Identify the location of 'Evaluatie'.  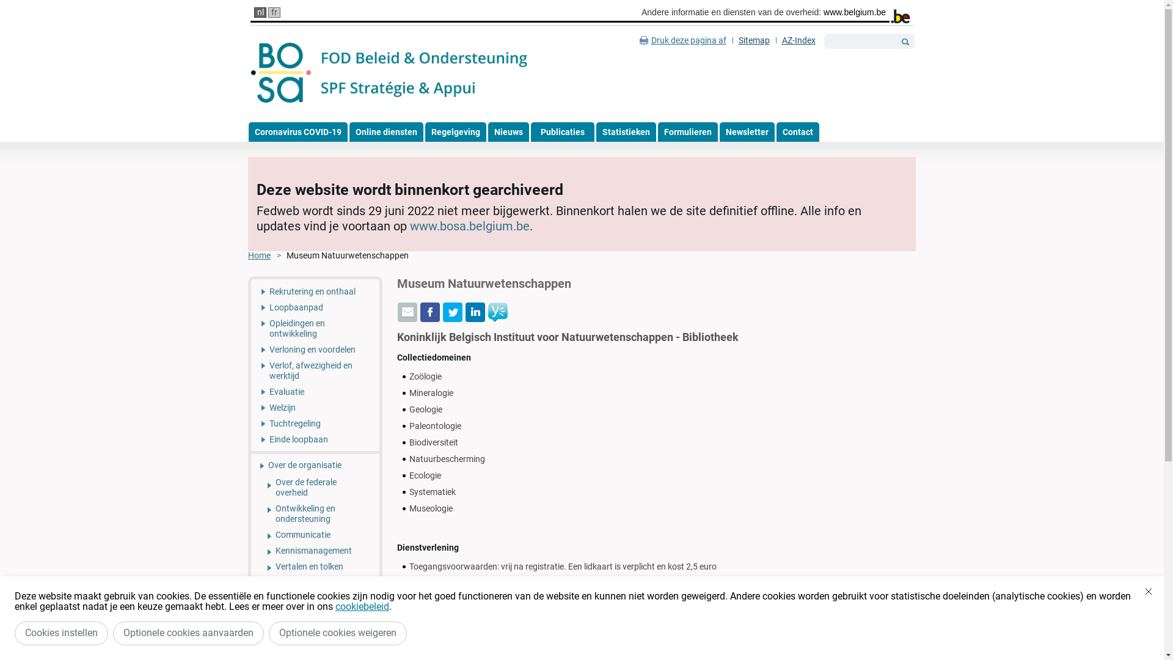
(315, 391).